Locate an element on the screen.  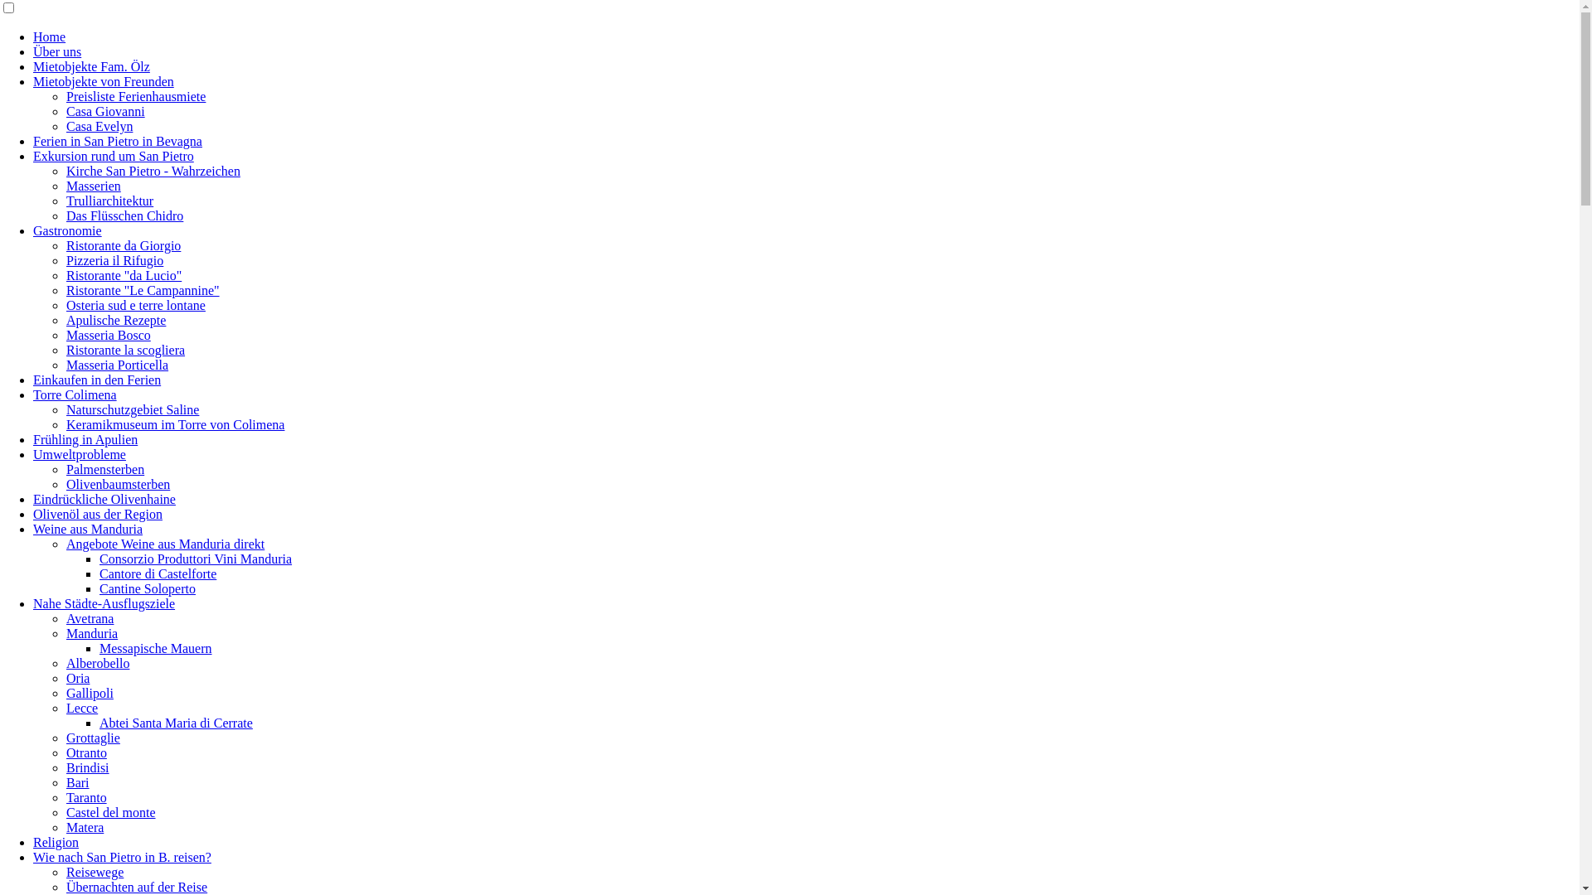
'Umweltprobleme' is located at coordinates (79, 454).